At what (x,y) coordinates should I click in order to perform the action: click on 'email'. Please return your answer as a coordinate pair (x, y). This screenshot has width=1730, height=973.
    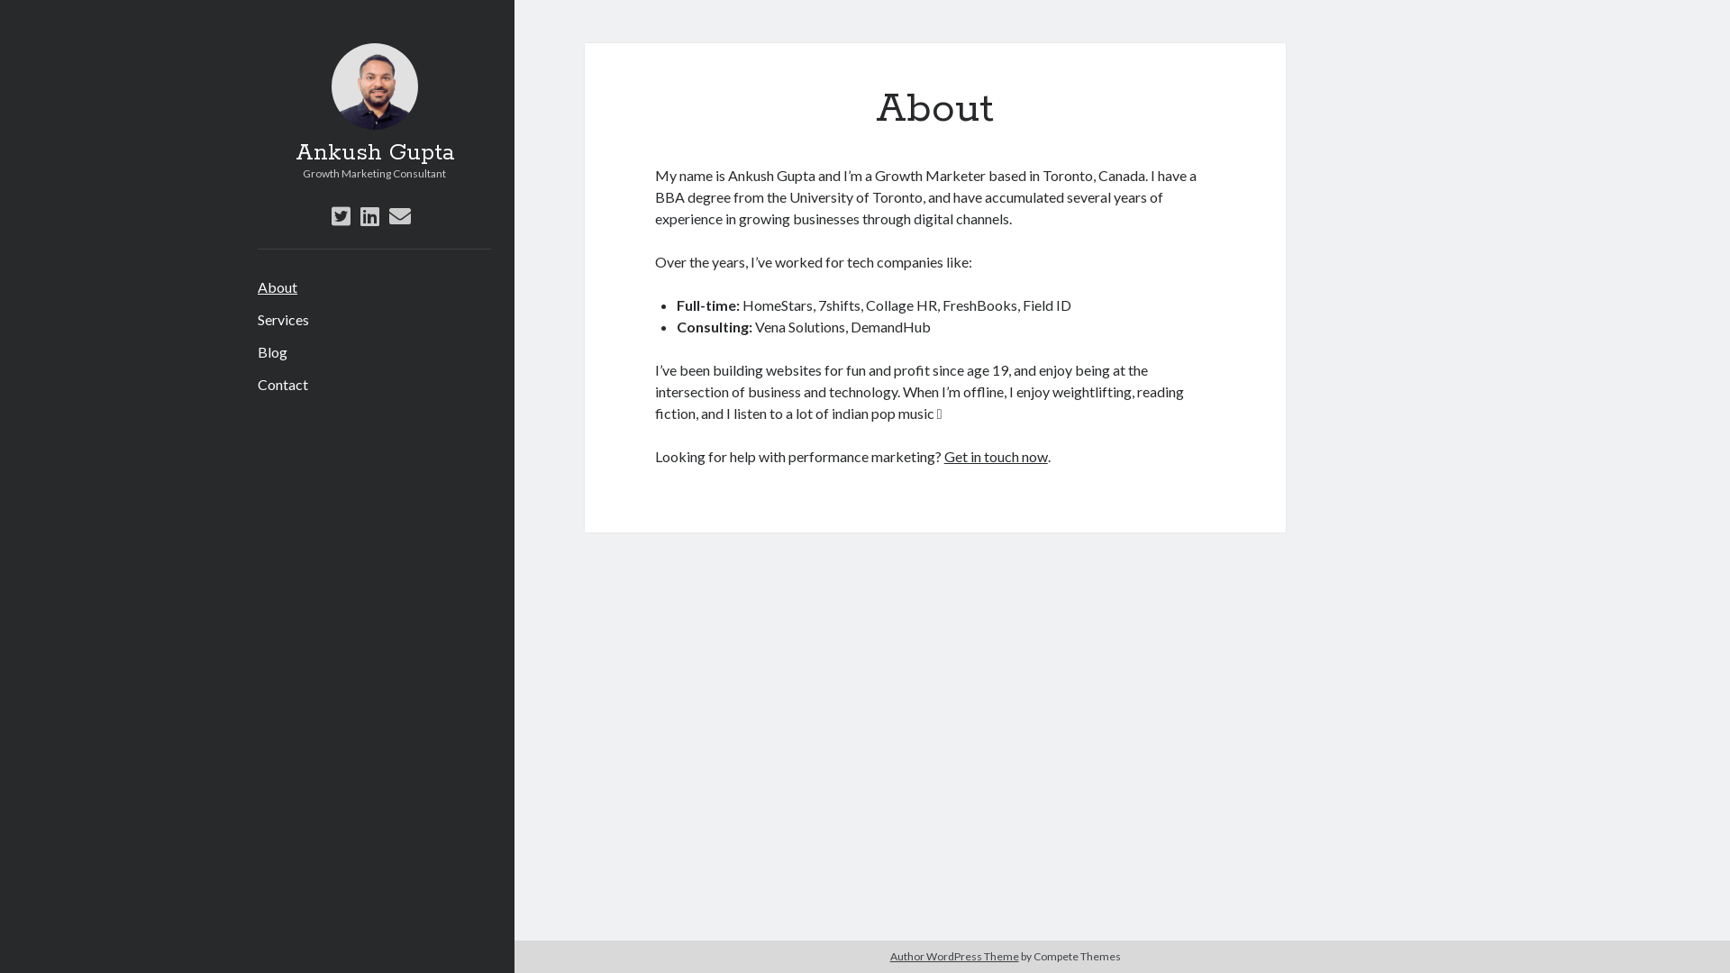
    Looking at the image, I should click on (399, 214).